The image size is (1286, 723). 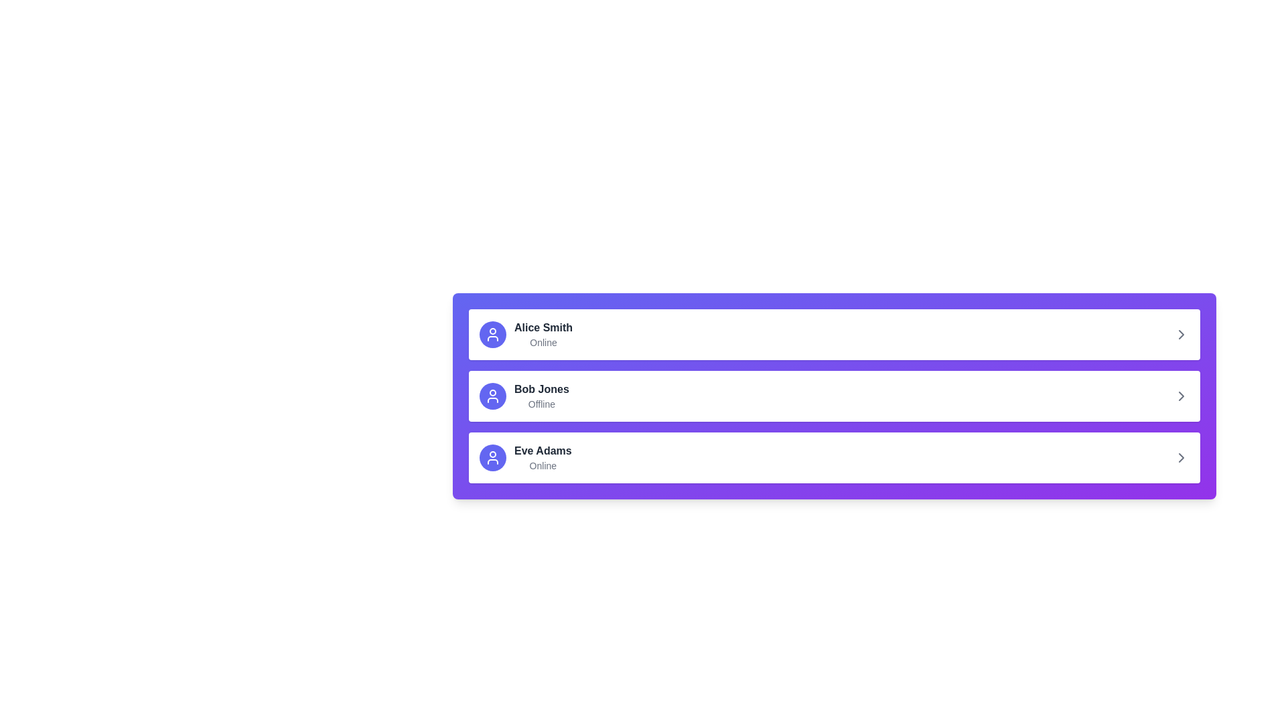 What do you see at coordinates (524, 457) in the screenshot?
I see `the third Profile list item featuring the avatar and text 'Eve Adams' and 'Online'` at bounding box center [524, 457].